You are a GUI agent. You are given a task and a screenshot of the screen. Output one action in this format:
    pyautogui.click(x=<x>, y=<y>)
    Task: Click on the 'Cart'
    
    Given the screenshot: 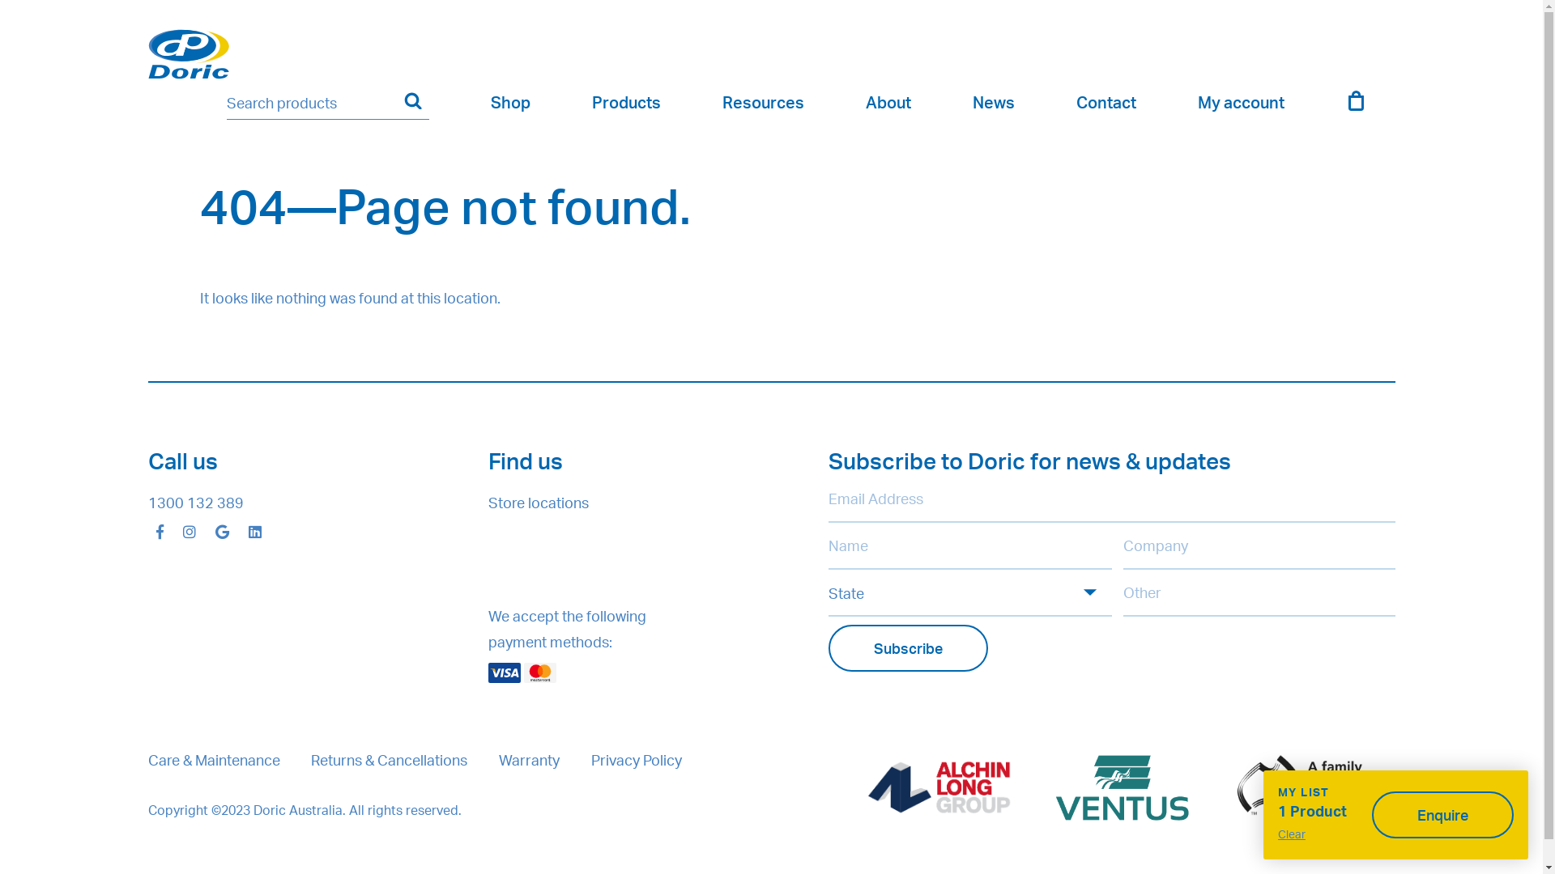 What is the action you would take?
    pyautogui.click(x=1356, y=105)
    